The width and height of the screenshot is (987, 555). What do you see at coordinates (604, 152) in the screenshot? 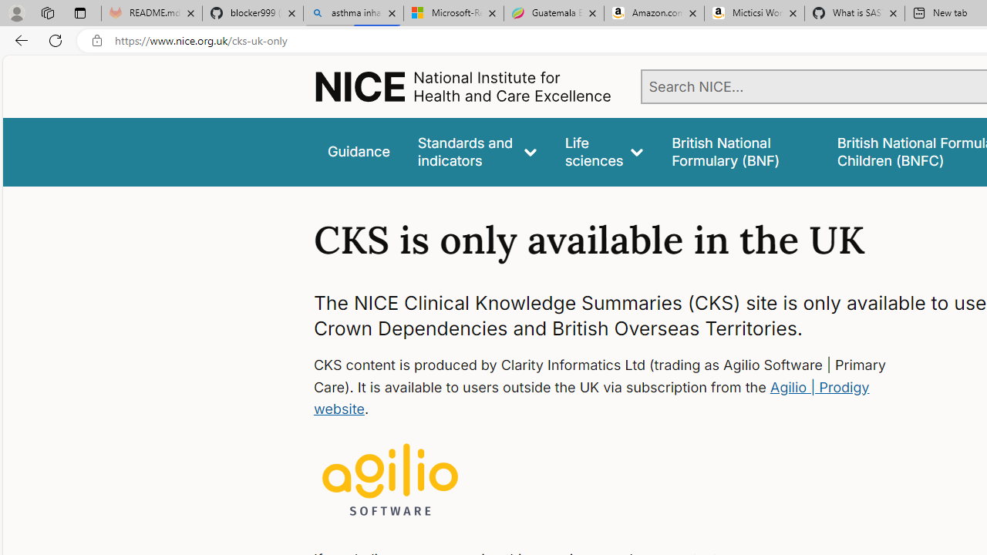
I see `'Life sciences'` at bounding box center [604, 152].